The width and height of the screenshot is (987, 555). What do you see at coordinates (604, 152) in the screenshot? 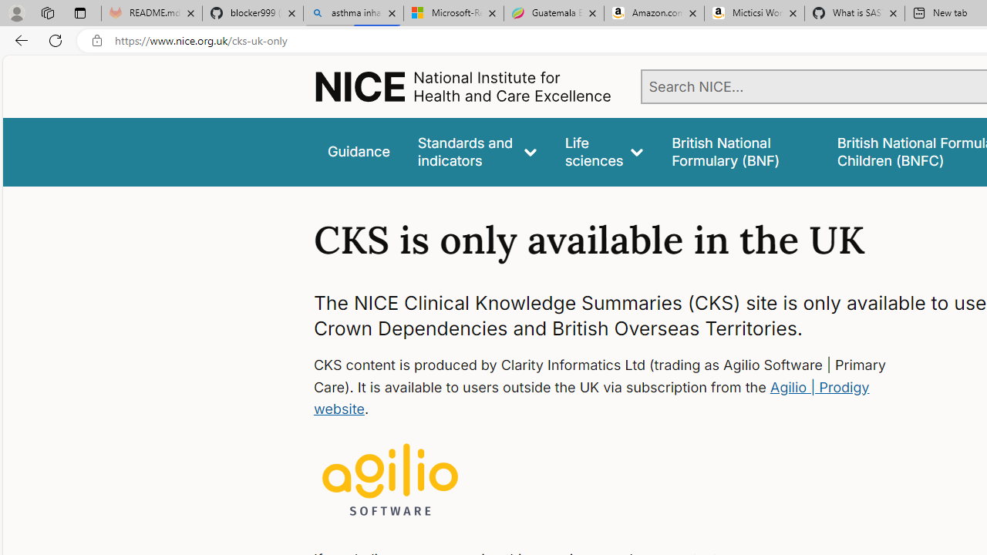
I see `'Life sciences'` at bounding box center [604, 152].